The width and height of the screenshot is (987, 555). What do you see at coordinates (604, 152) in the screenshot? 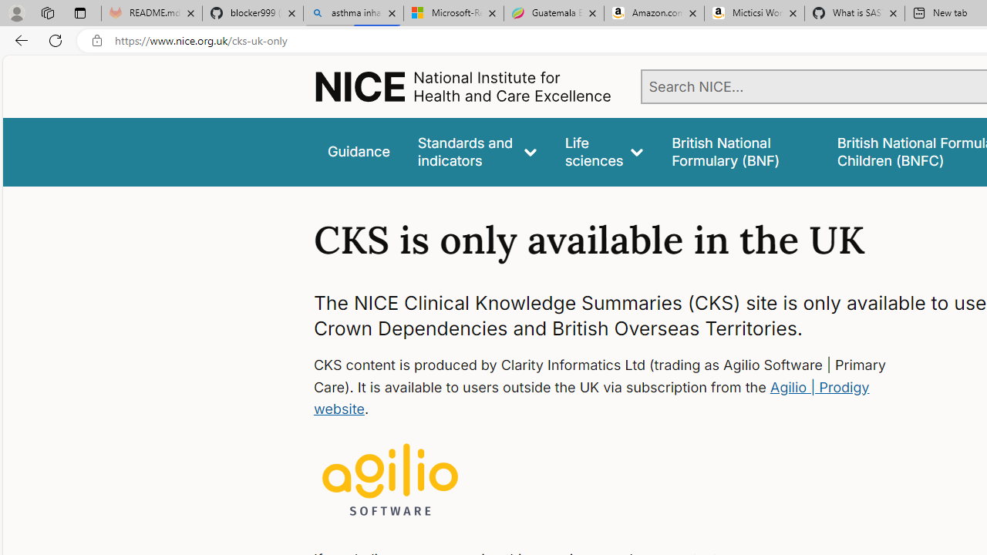
I see `'Life sciences'` at bounding box center [604, 152].